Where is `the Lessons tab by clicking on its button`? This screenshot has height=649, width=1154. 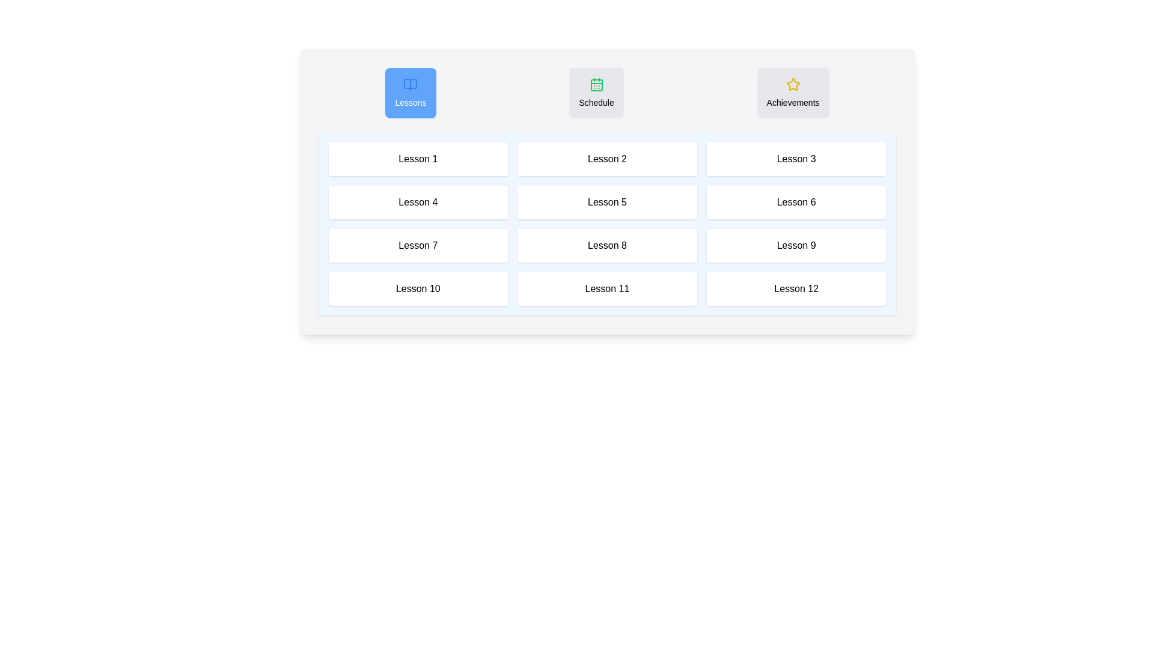 the Lessons tab by clicking on its button is located at coordinates (411, 92).